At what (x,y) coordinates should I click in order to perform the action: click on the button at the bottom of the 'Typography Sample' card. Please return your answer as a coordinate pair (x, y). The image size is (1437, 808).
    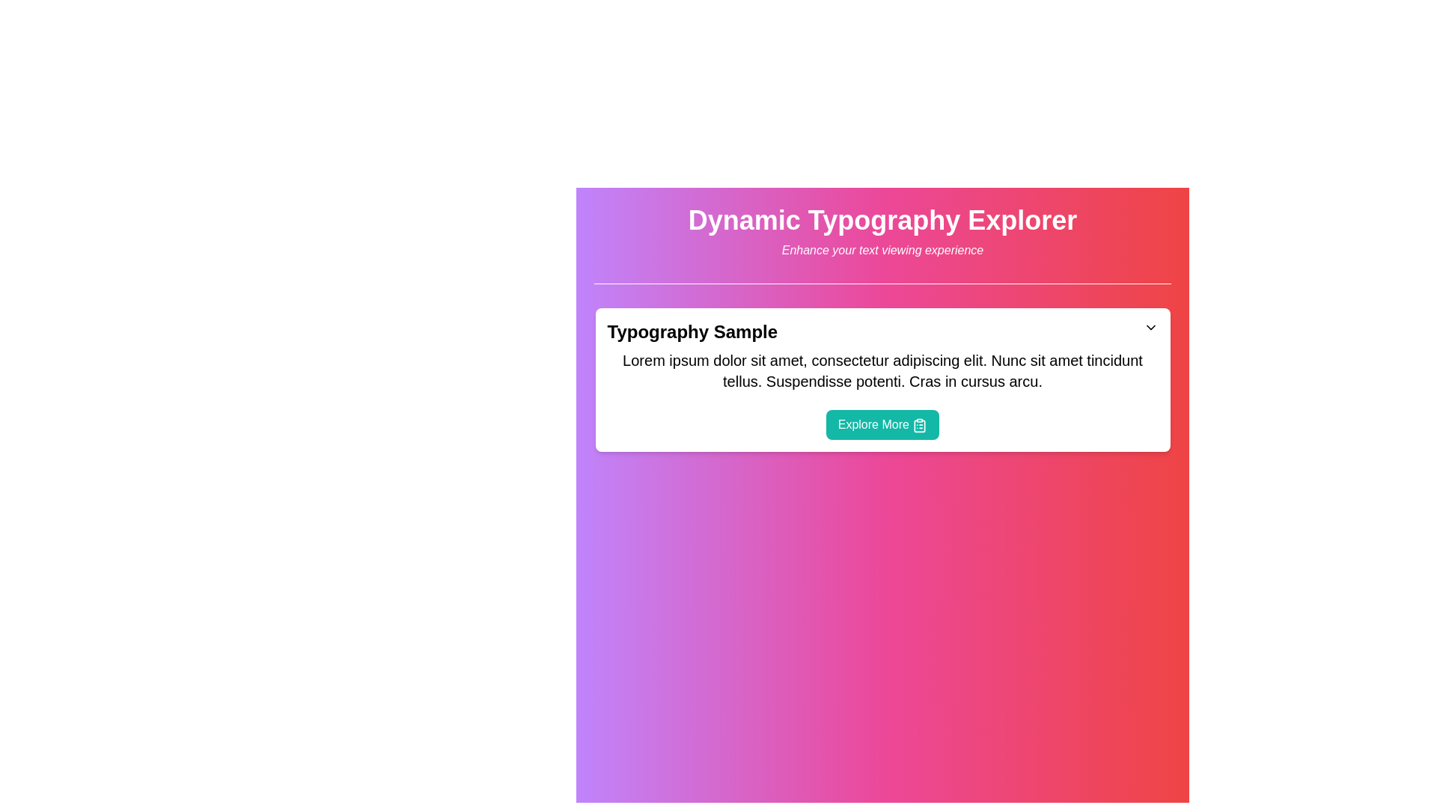
    Looking at the image, I should click on (882, 424).